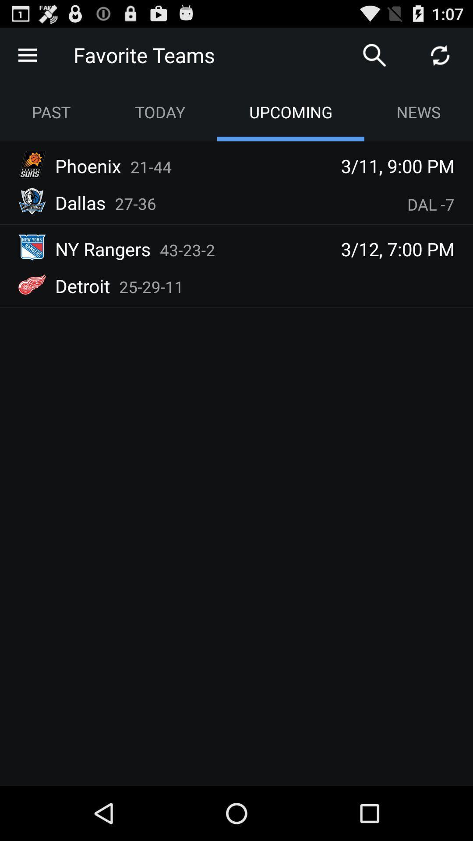  I want to click on icon to the right of the upcoming, so click(418, 111).